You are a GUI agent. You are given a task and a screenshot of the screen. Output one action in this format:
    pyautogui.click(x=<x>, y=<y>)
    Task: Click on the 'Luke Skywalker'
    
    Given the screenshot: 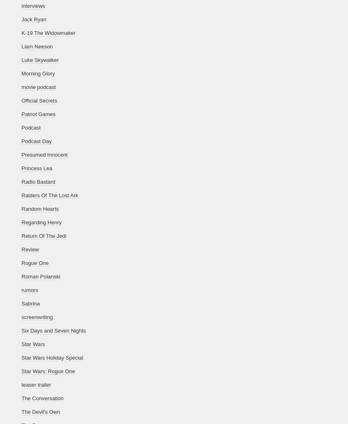 What is the action you would take?
    pyautogui.click(x=39, y=60)
    